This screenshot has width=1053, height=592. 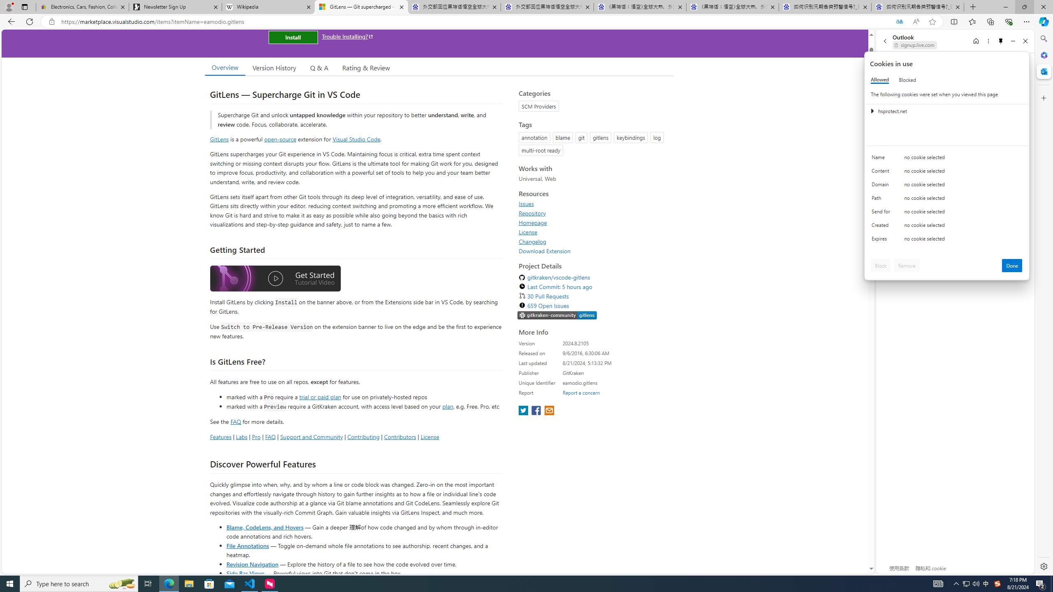 I want to click on 'Created', so click(x=882, y=227).